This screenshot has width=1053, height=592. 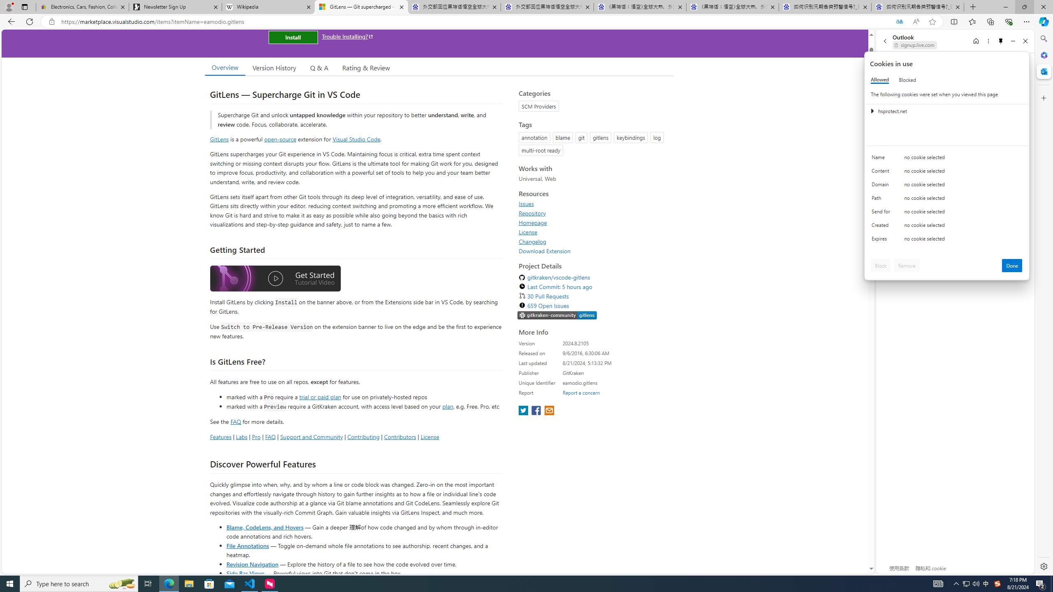 I want to click on 'Created', so click(x=882, y=227).